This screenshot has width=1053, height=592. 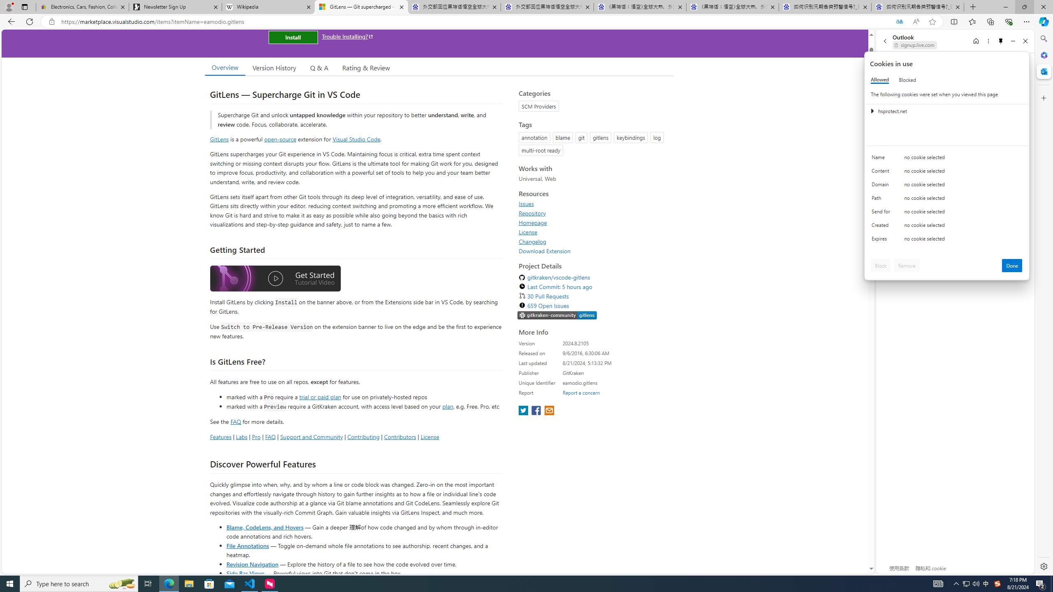 I want to click on 'Created', so click(x=882, y=227).